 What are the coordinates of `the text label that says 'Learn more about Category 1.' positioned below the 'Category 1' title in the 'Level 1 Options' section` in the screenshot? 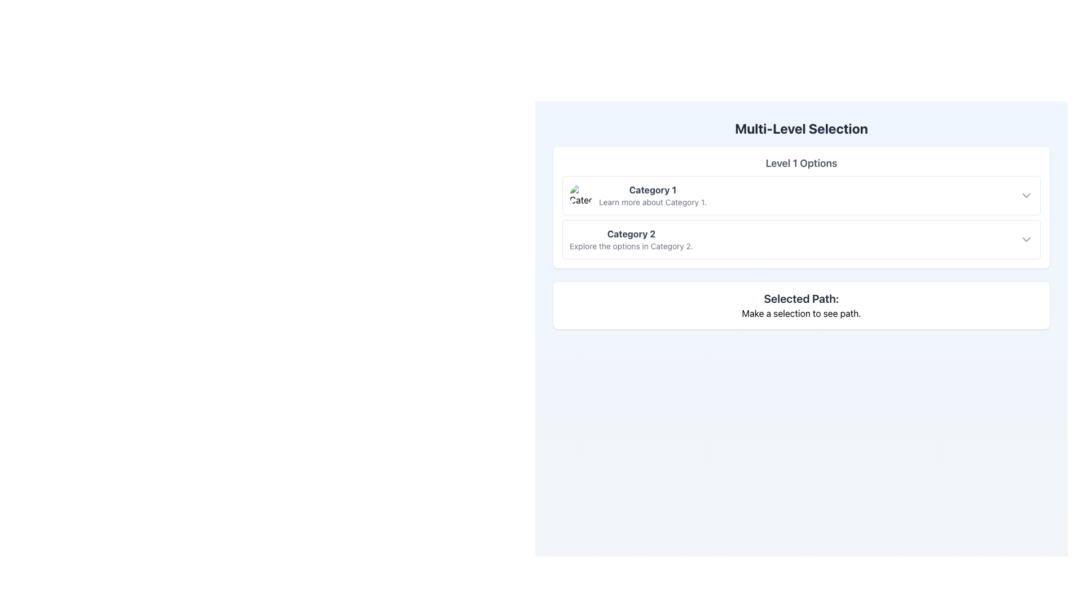 It's located at (653, 201).